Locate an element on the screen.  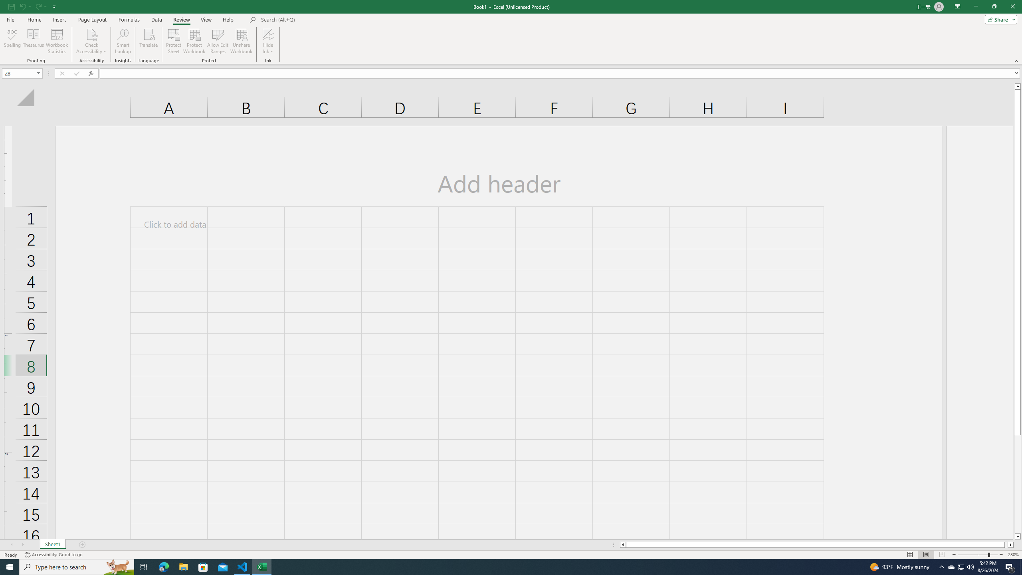
'Translate' is located at coordinates (148, 41).